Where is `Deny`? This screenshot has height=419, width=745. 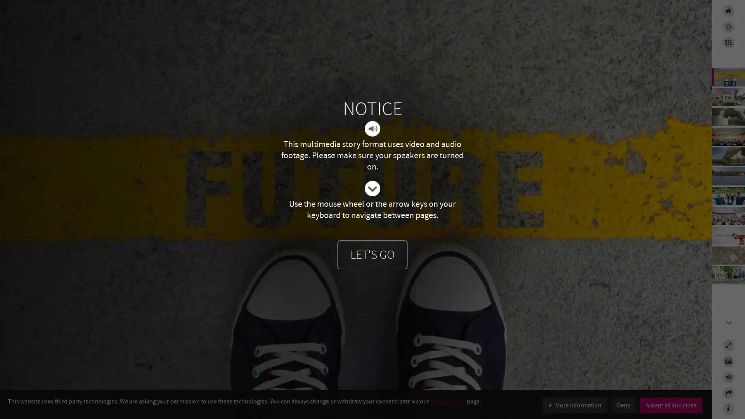
Deny is located at coordinates (624, 405).